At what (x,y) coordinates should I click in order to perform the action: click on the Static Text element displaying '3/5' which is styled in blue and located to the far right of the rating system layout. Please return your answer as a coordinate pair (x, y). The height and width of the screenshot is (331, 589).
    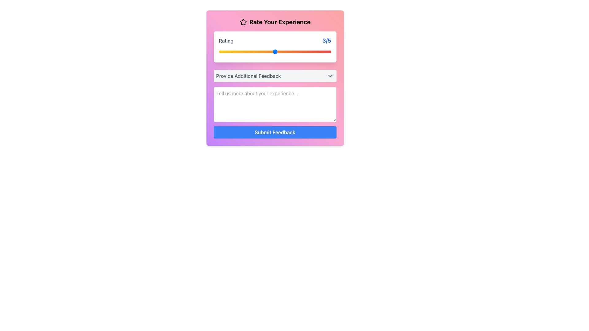
    Looking at the image, I should click on (326, 40).